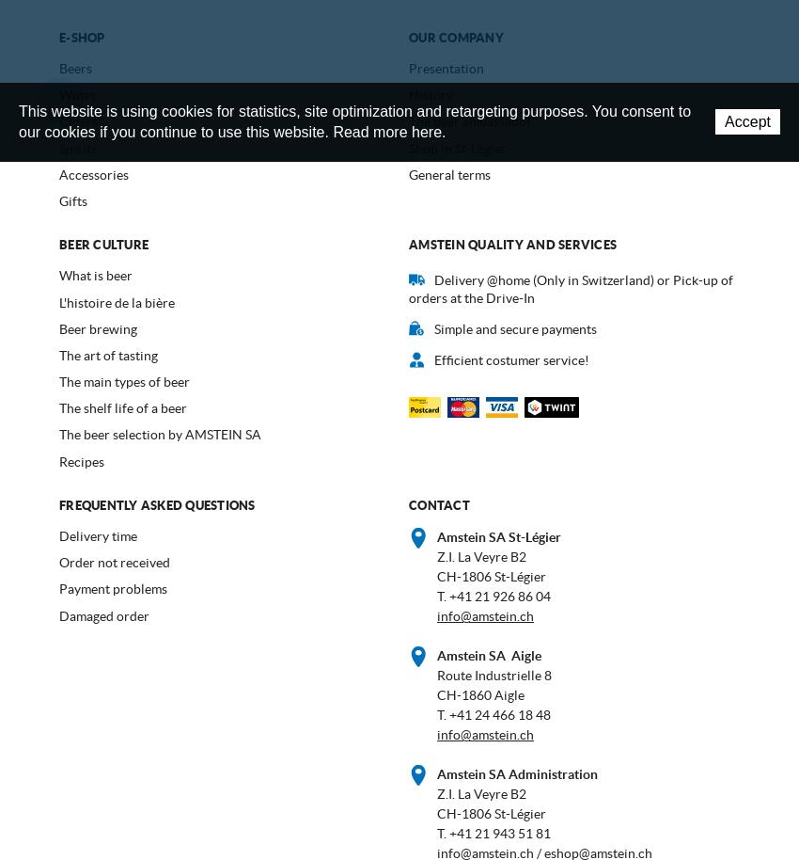 Image resolution: width=799 pixels, height=860 pixels. What do you see at coordinates (516, 772) in the screenshot?
I see `'Amstein SA Administration'` at bounding box center [516, 772].